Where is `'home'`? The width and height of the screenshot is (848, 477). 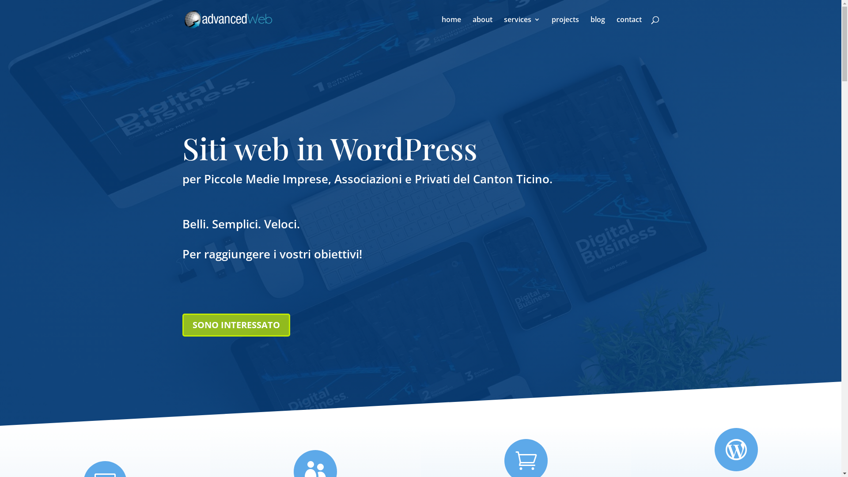
'home' is located at coordinates (451, 27).